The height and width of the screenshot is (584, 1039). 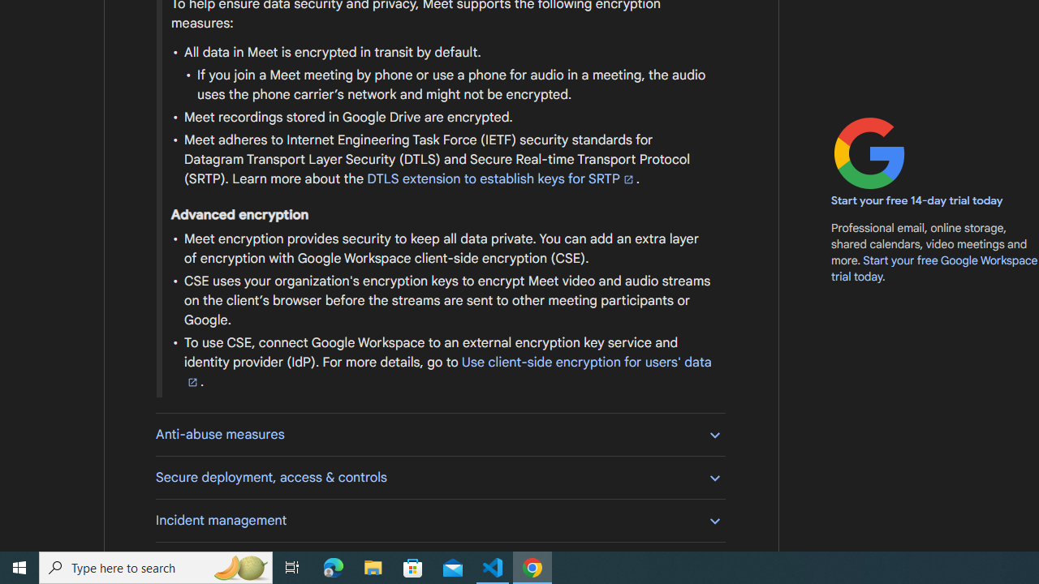 What do you see at coordinates (500, 179) in the screenshot?
I see `'DTLS extension to establish keys for SRTP'` at bounding box center [500, 179].